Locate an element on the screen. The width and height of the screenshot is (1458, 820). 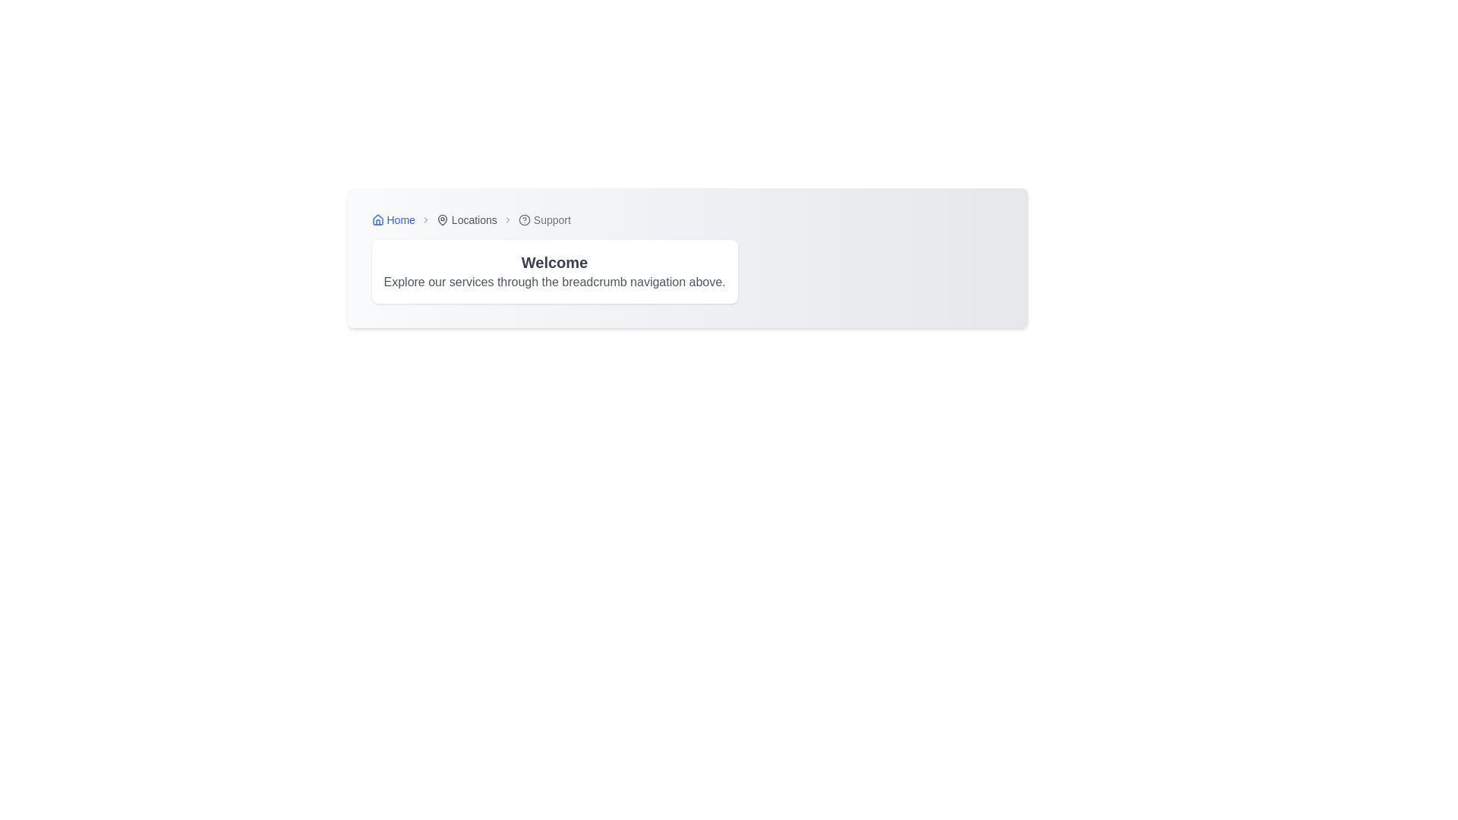
the help icon in the breadcrumb navigation bar, which is positioned to the left of the 'Support' text is located at coordinates (524, 219).